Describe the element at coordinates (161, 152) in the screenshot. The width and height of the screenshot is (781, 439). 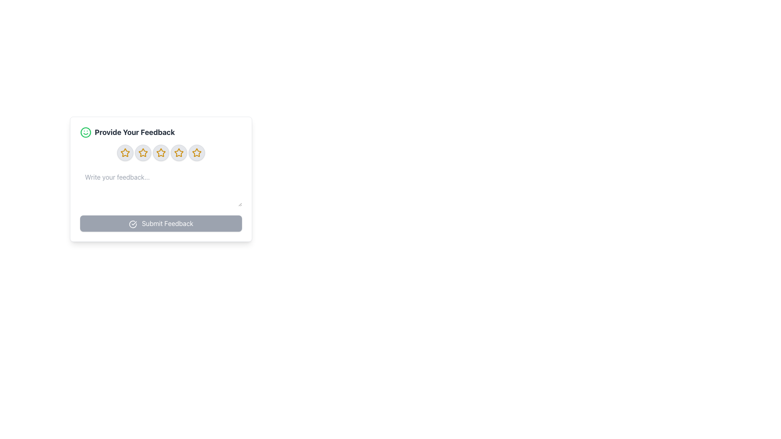
I see `the third rating icon in the horizontal arrangement of five circular rating icons under the title 'Provide Your Feedback'` at that location.